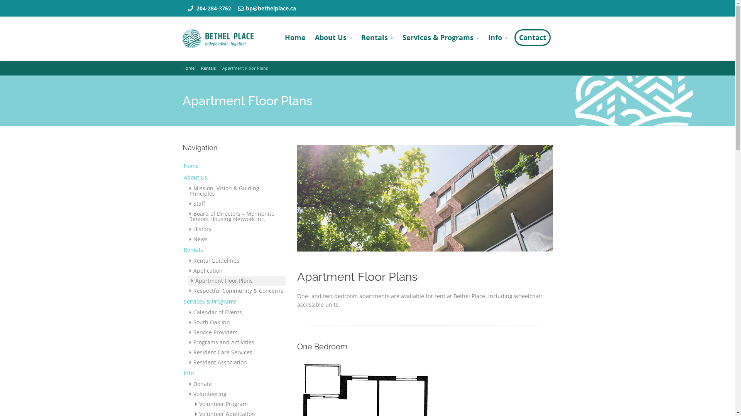 The height and width of the screenshot is (416, 741). Describe the element at coordinates (196, 8) in the screenshot. I see `'204-284-3762'` at that location.